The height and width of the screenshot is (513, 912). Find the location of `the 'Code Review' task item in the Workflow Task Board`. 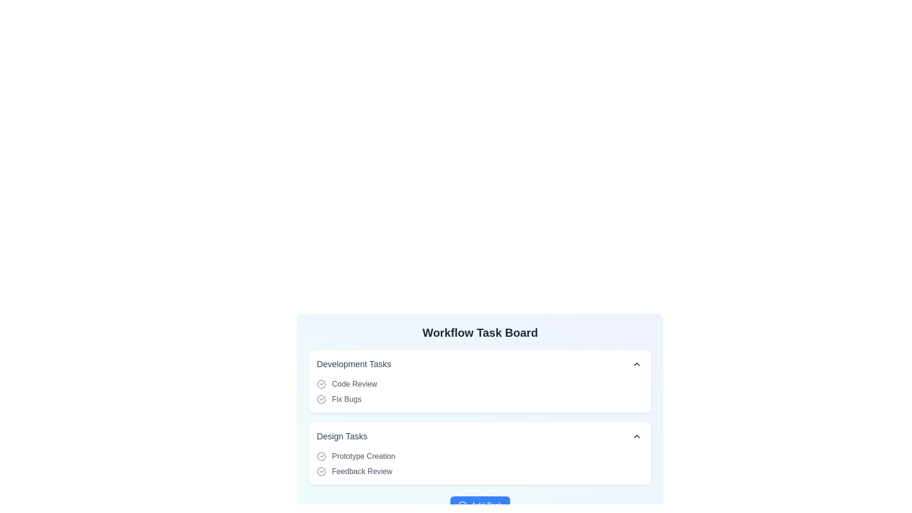

the 'Code Review' task item in the Workflow Task Board is located at coordinates (480, 384).